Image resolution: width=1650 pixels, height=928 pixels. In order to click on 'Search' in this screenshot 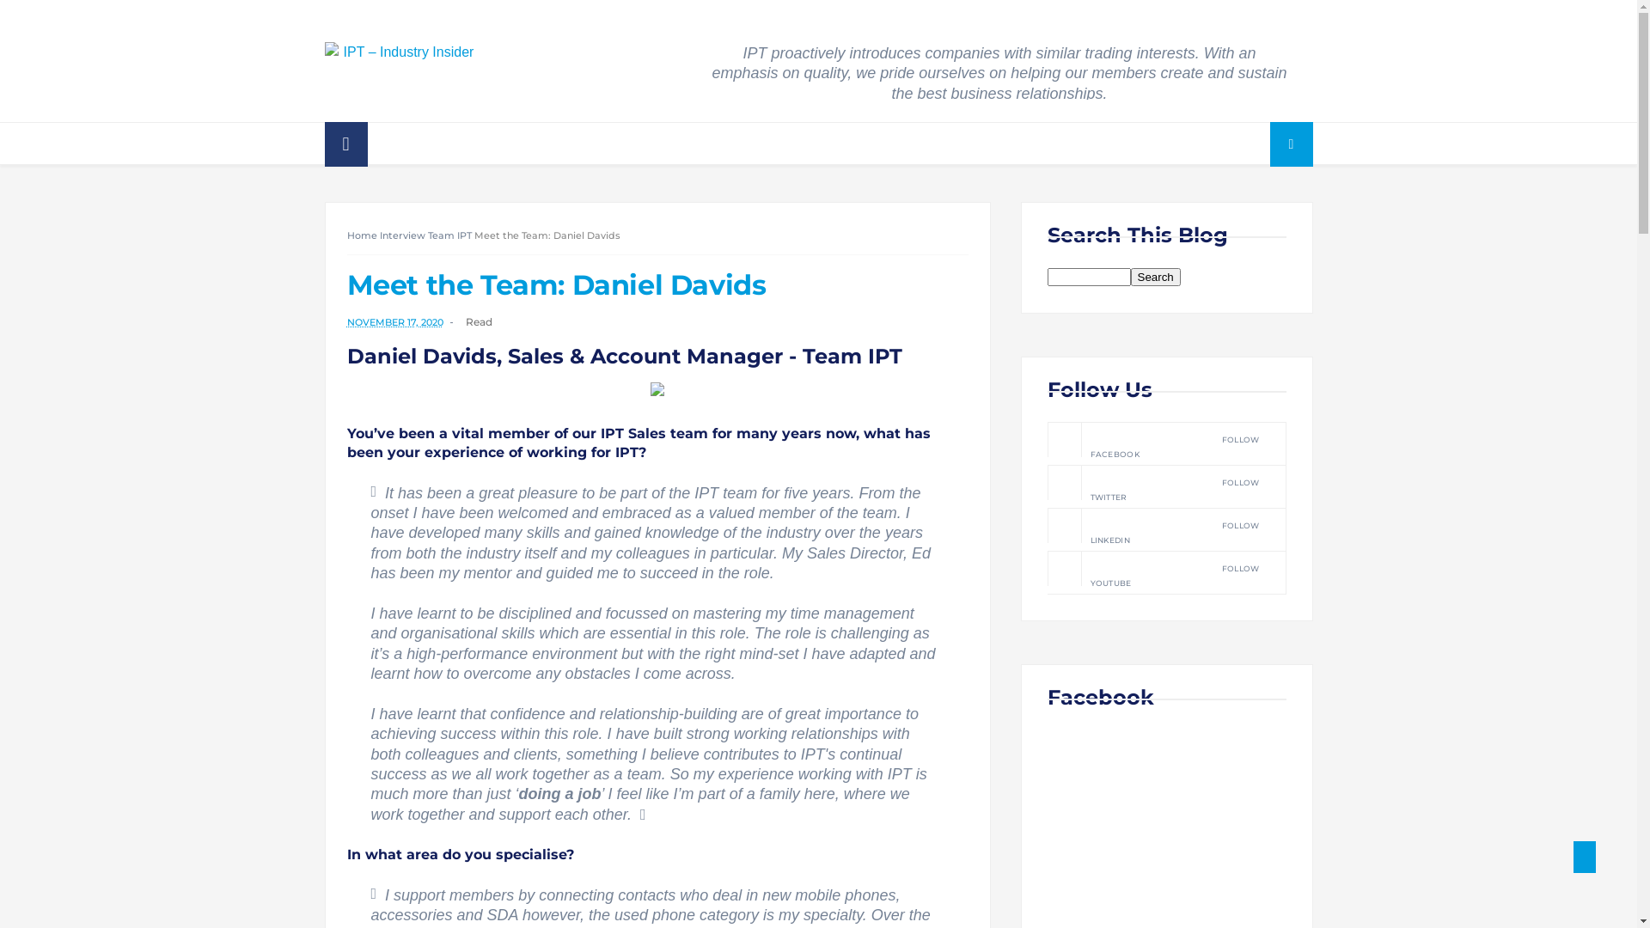, I will do `click(1155, 276)`.